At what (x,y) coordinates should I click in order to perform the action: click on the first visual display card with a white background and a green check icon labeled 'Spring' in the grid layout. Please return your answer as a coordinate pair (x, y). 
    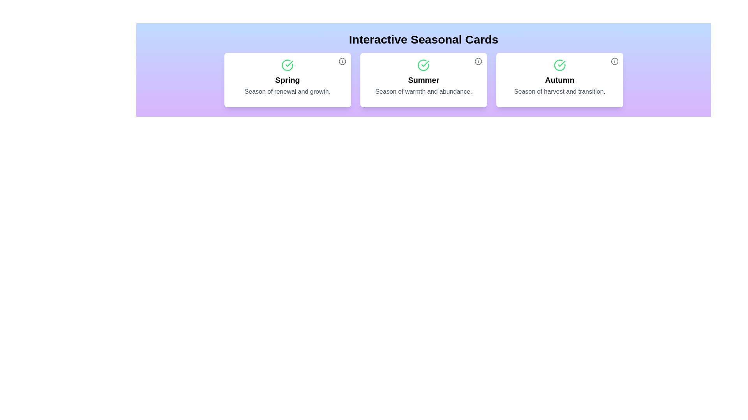
    Looking at the image, I should click on (287, 80).